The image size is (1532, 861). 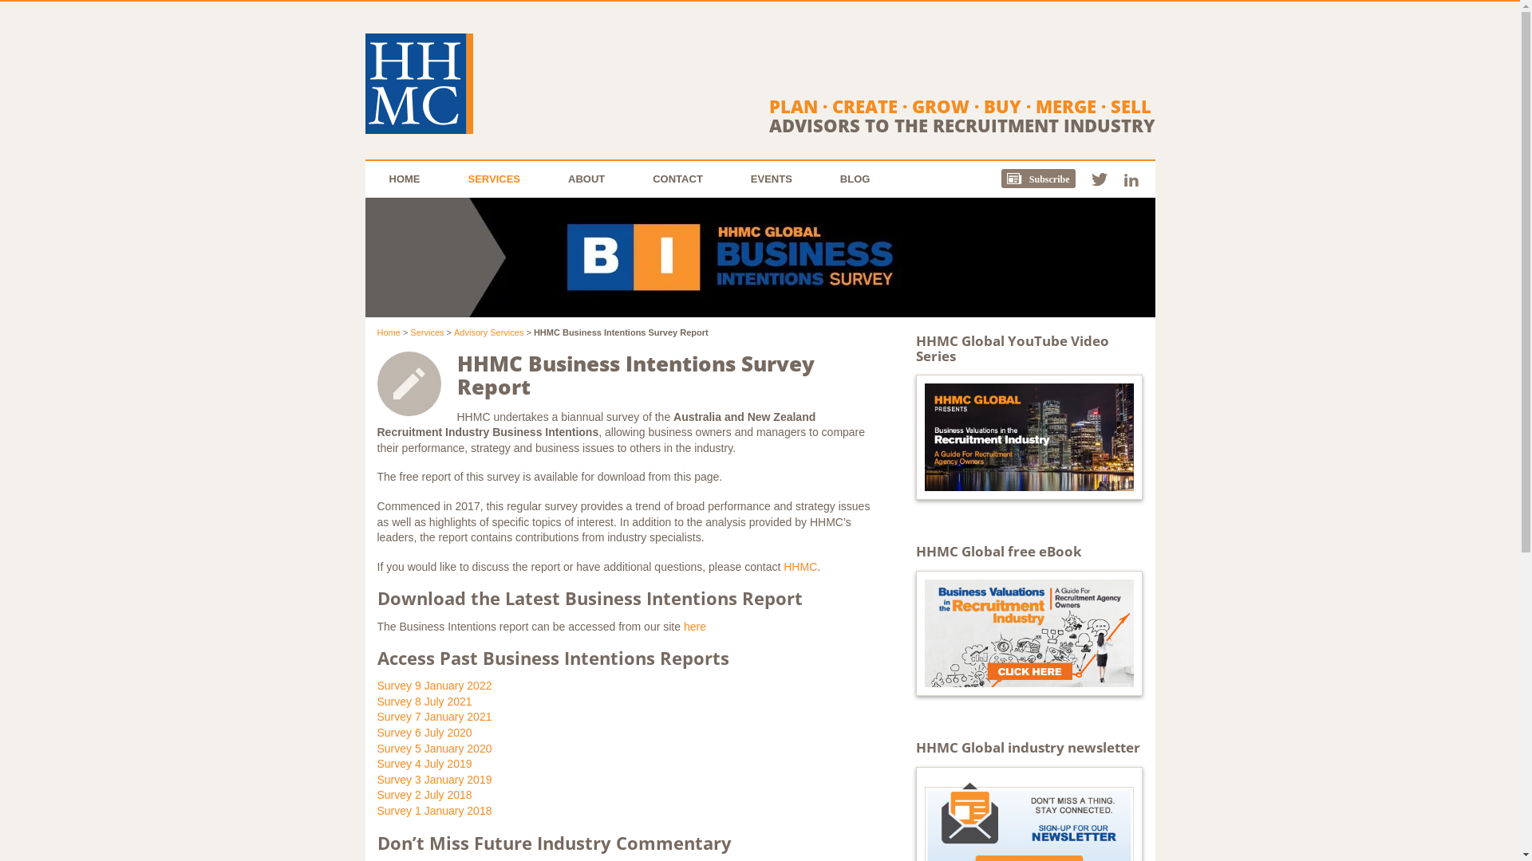 I want to click on 'Survey 2 July 2018', so click(x=424, y=794).